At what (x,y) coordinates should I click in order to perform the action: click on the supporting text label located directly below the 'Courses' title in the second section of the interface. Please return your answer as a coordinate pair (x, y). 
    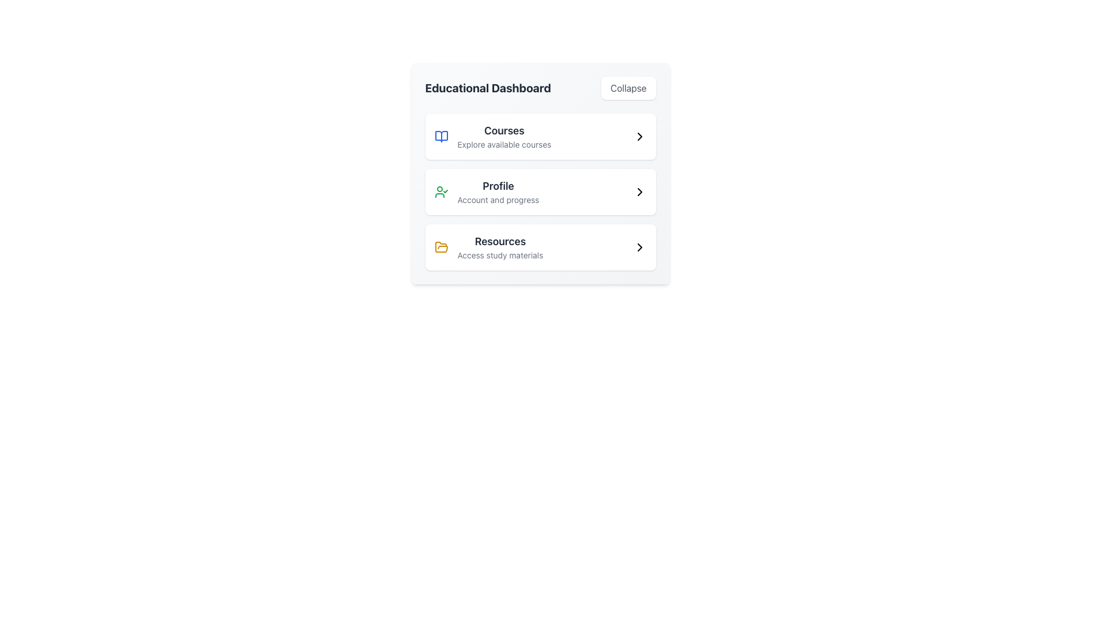
    Looking at the image, I should click on (504, 144).